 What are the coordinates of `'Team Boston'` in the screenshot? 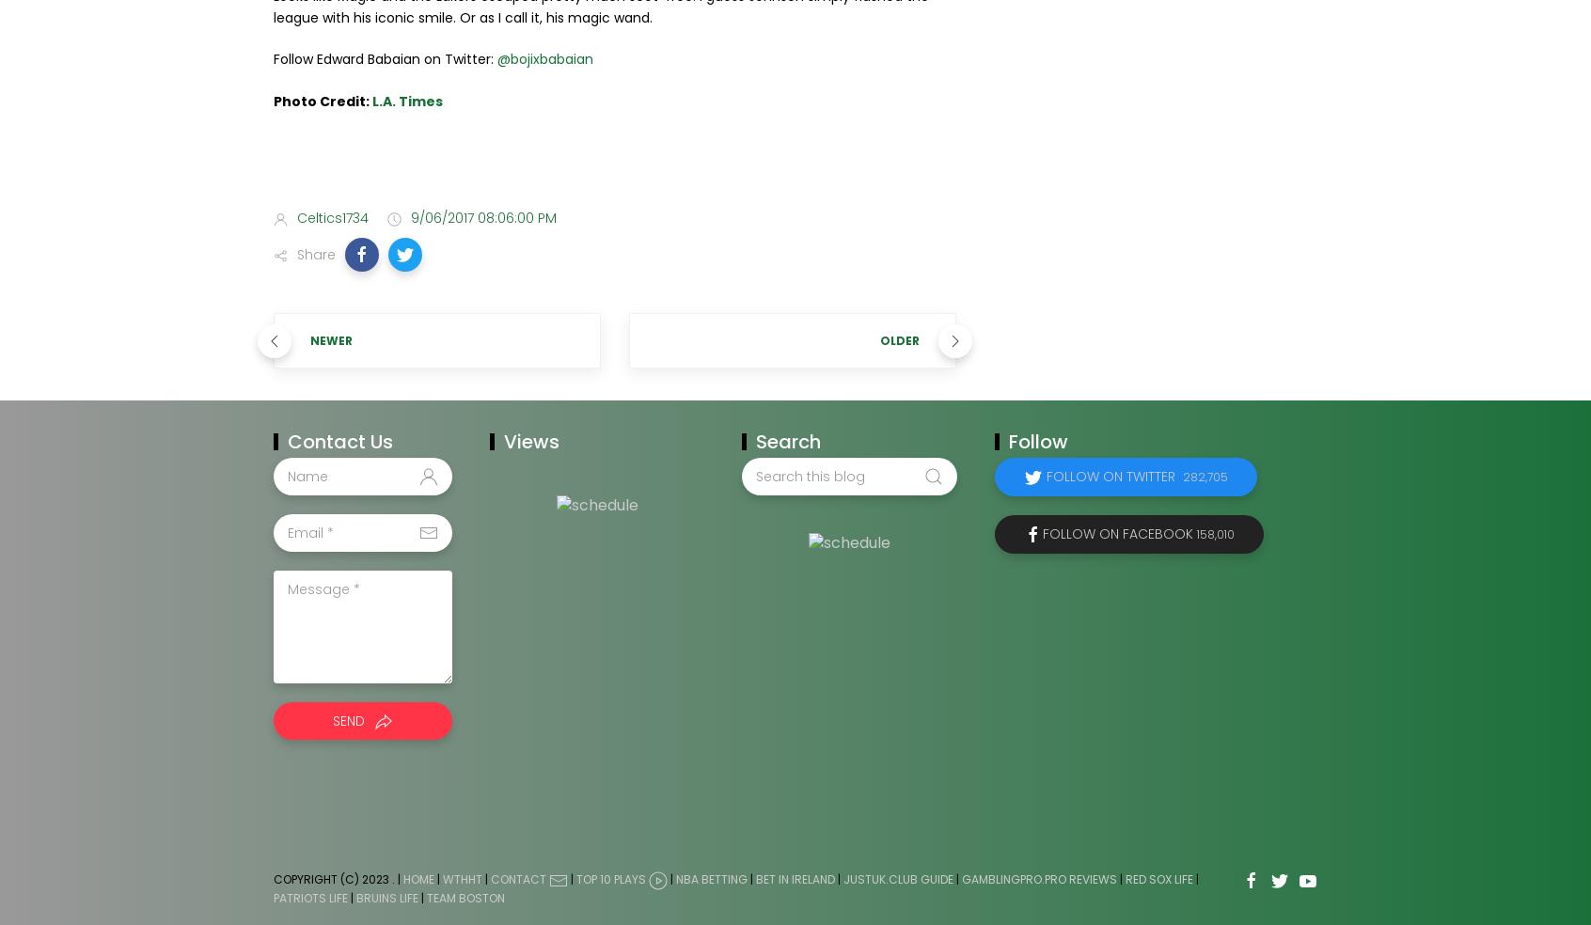 It's located at (425, 898).